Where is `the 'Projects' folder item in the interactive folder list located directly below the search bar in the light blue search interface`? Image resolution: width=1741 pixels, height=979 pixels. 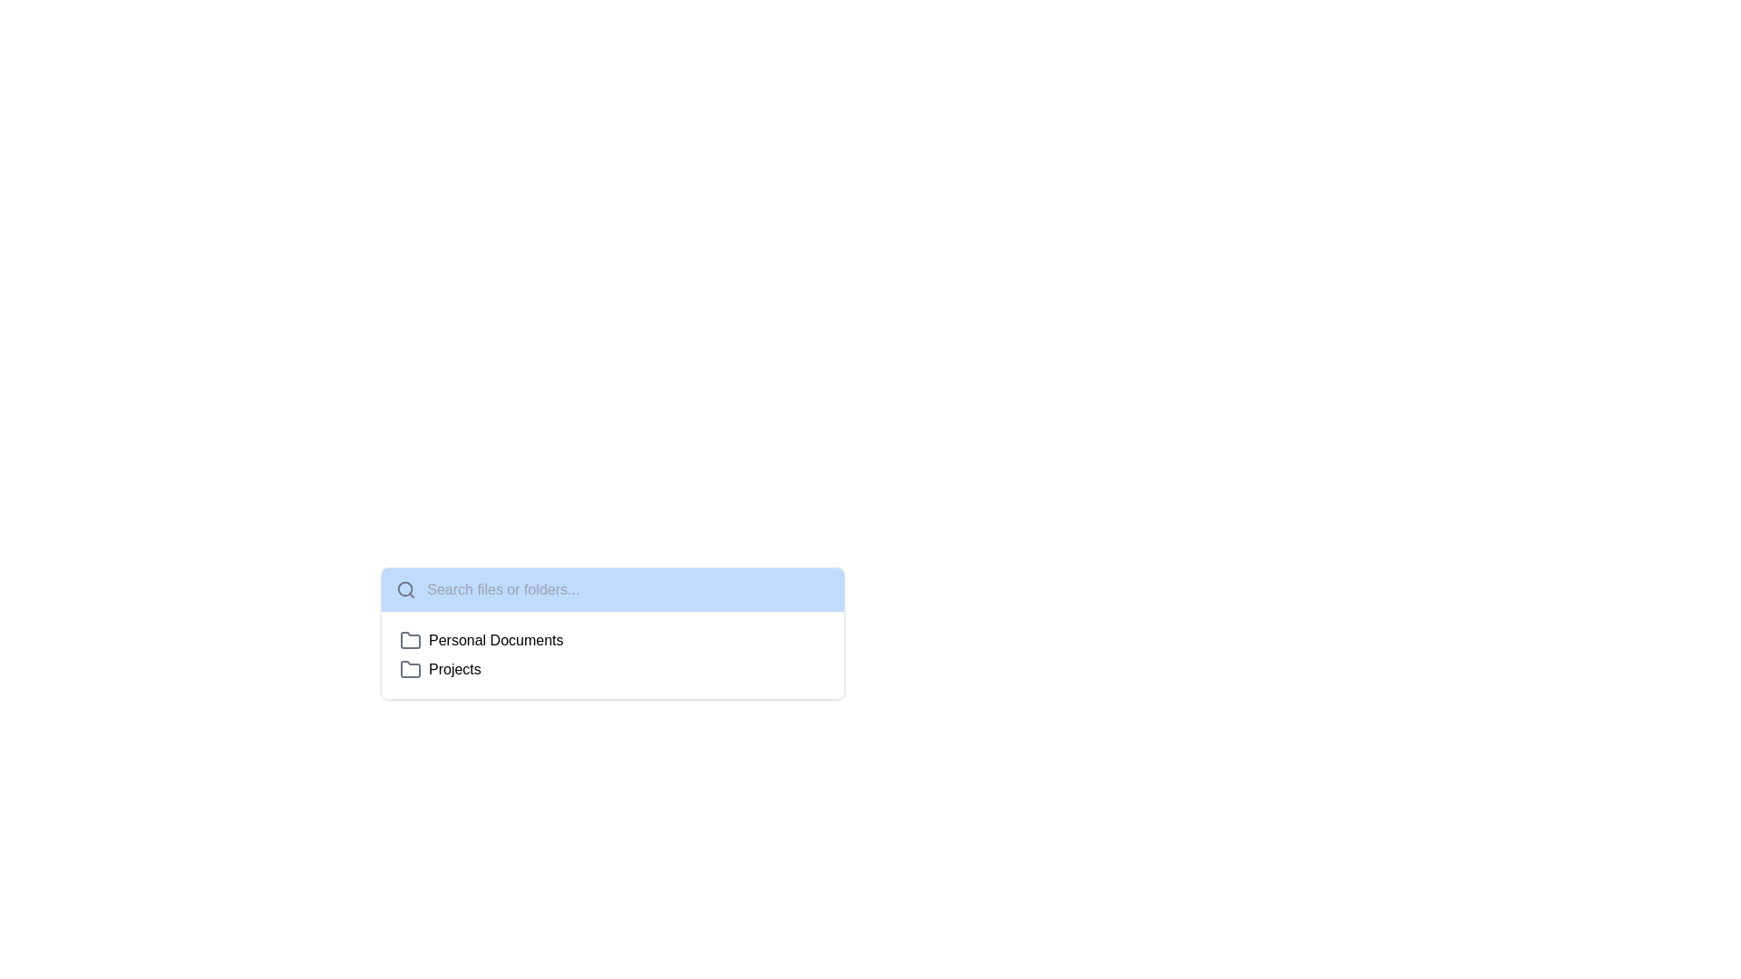 the 'Projects' folder item in the interactive folder list located directly below the search bar in the light blue search interface is located at coordinates (613, 654).